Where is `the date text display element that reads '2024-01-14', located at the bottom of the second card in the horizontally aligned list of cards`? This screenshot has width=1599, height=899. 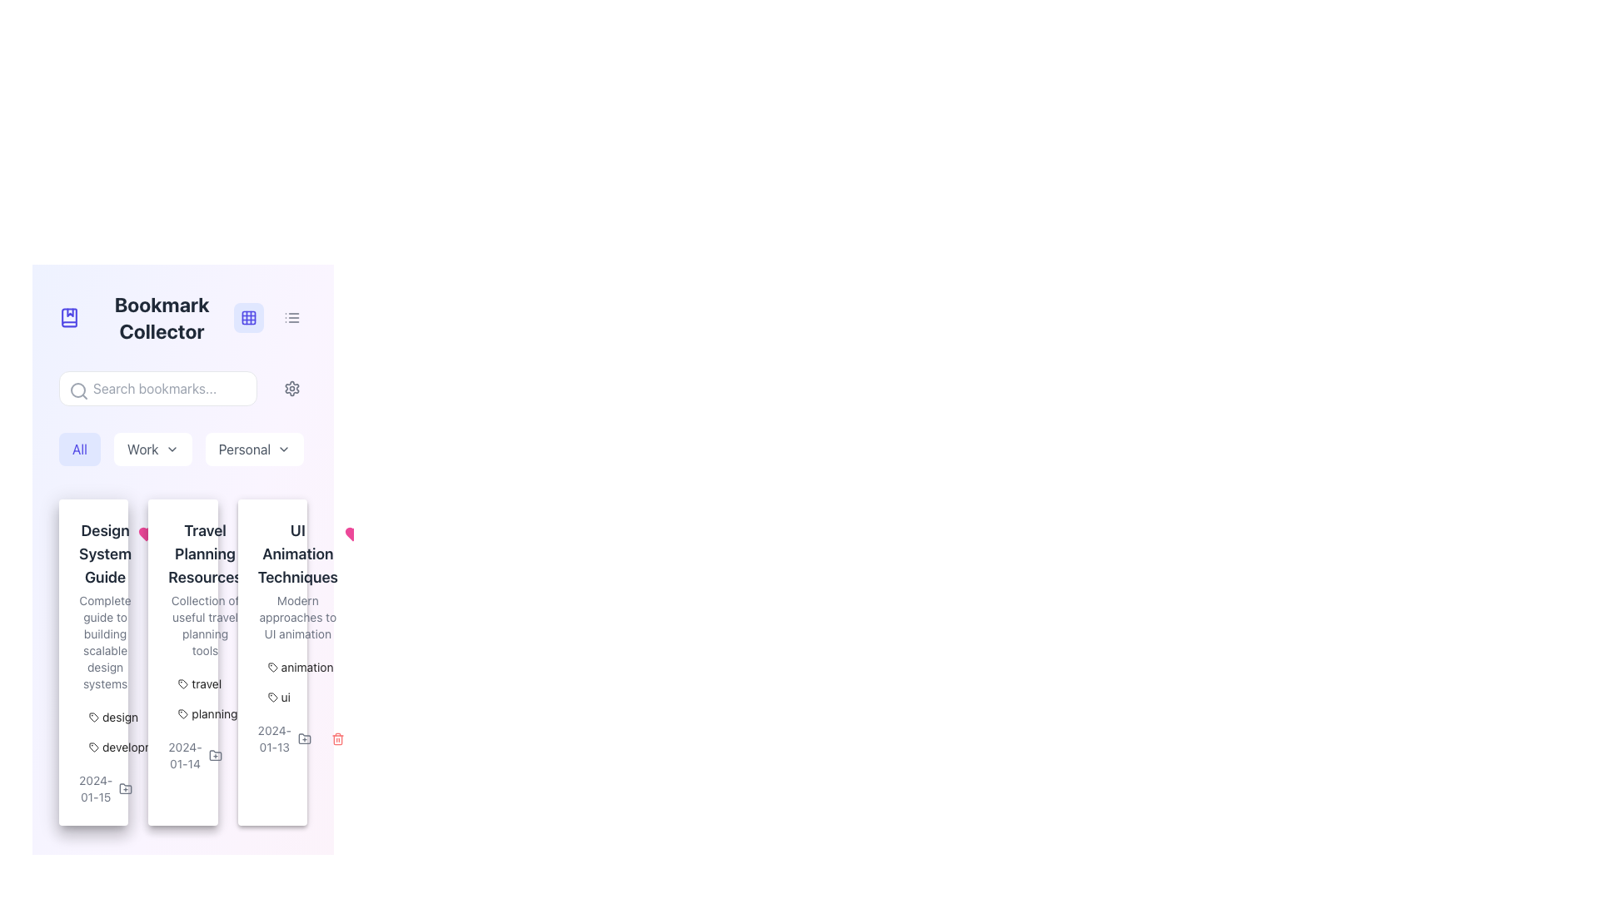
the date text display element that reads '2024-01-14', located at the bottom of the second card in the horizontally aligned list of cards is located at coordinates (185, 755).